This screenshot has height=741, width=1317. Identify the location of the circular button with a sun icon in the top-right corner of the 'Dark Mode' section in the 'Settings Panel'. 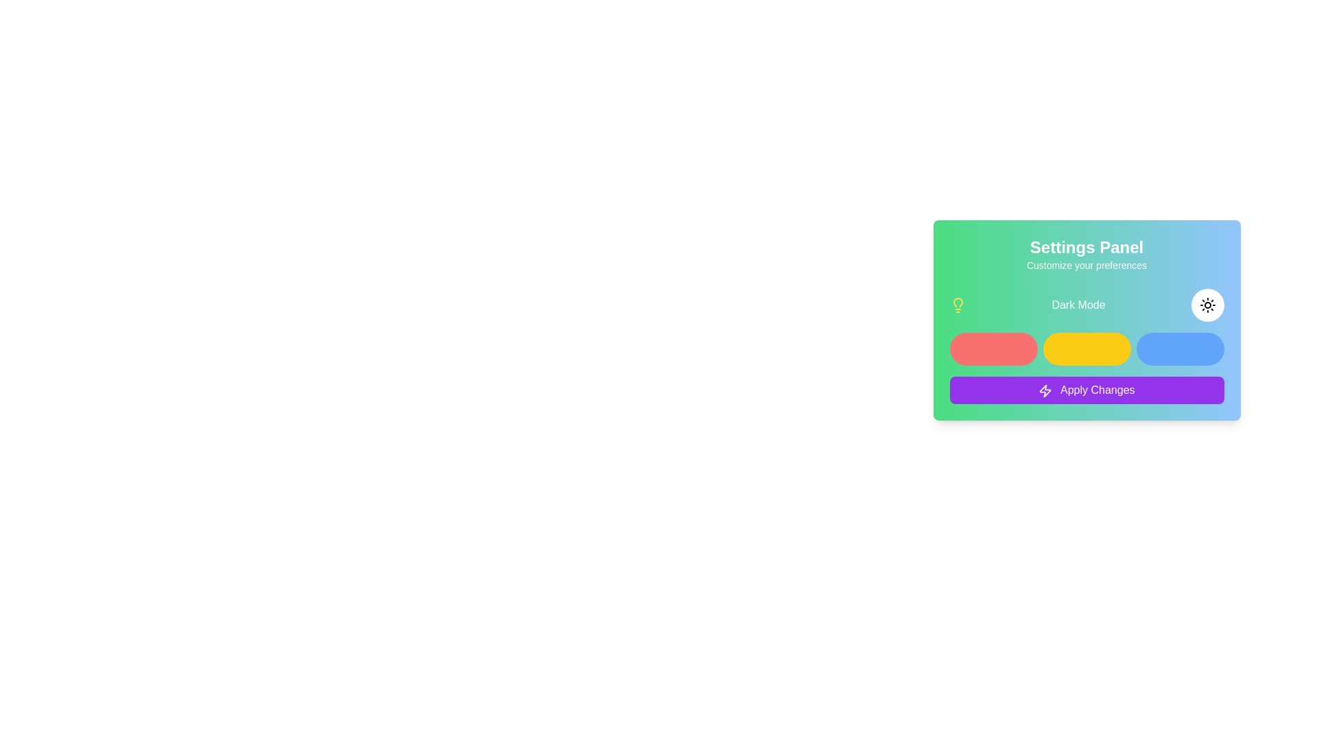
(1207, 304).